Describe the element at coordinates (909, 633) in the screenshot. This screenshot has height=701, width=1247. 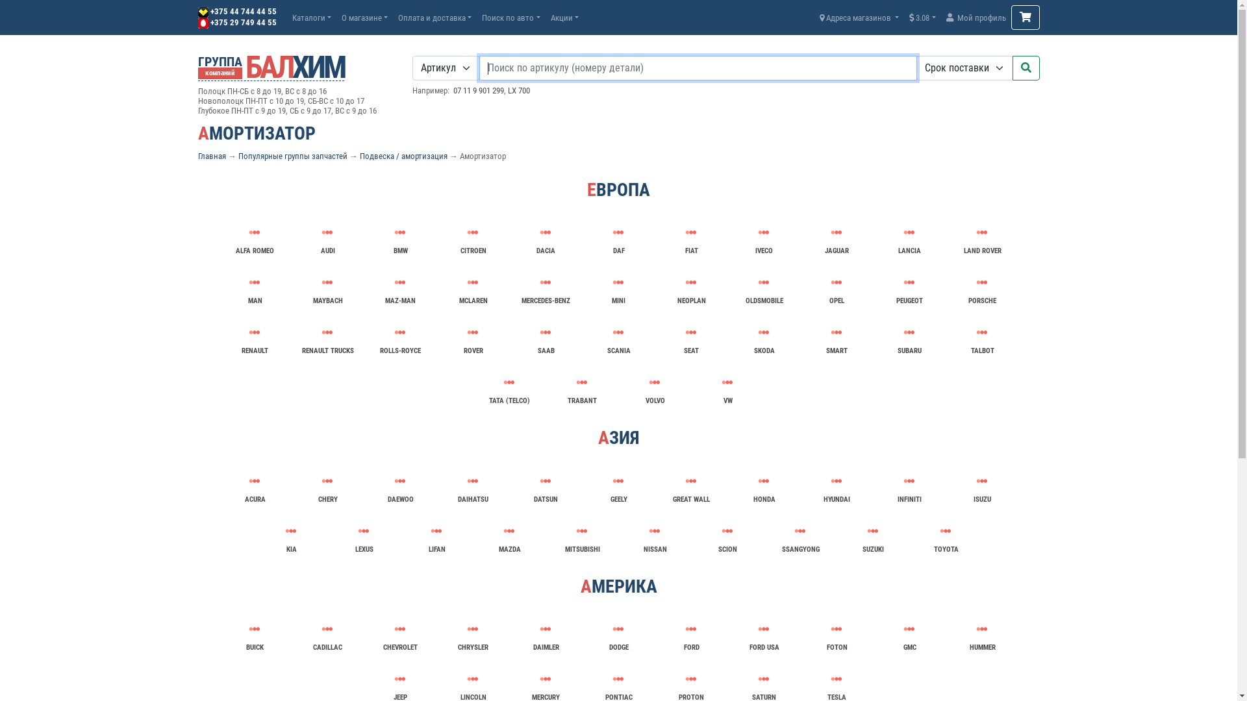
I see `'GMC'` at that location.